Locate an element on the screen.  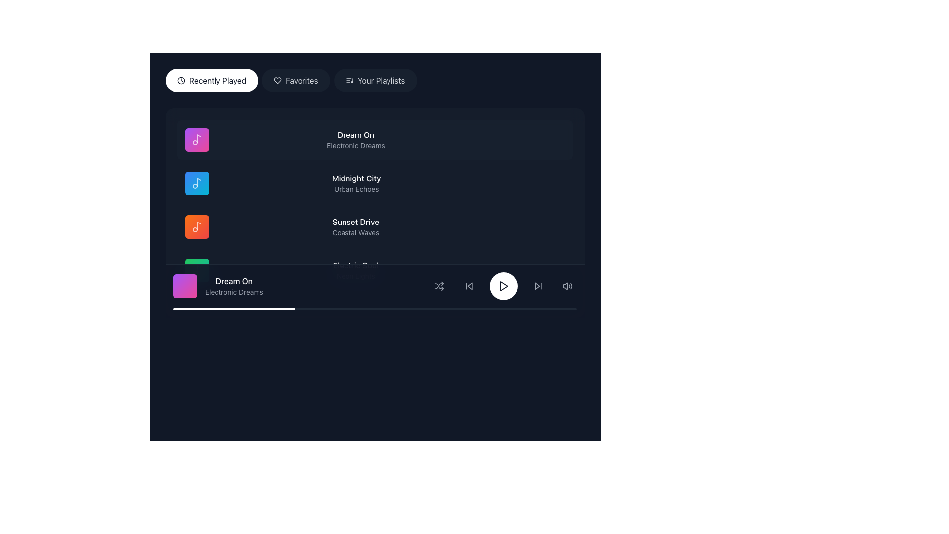
the icon, which is the third in a vertical list representing a specific song or category is located at coordinates (197, 227).